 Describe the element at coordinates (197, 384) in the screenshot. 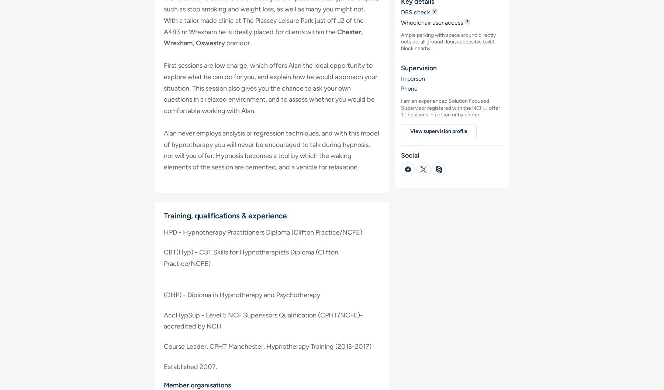

I see `'Member organisations'` at that location.